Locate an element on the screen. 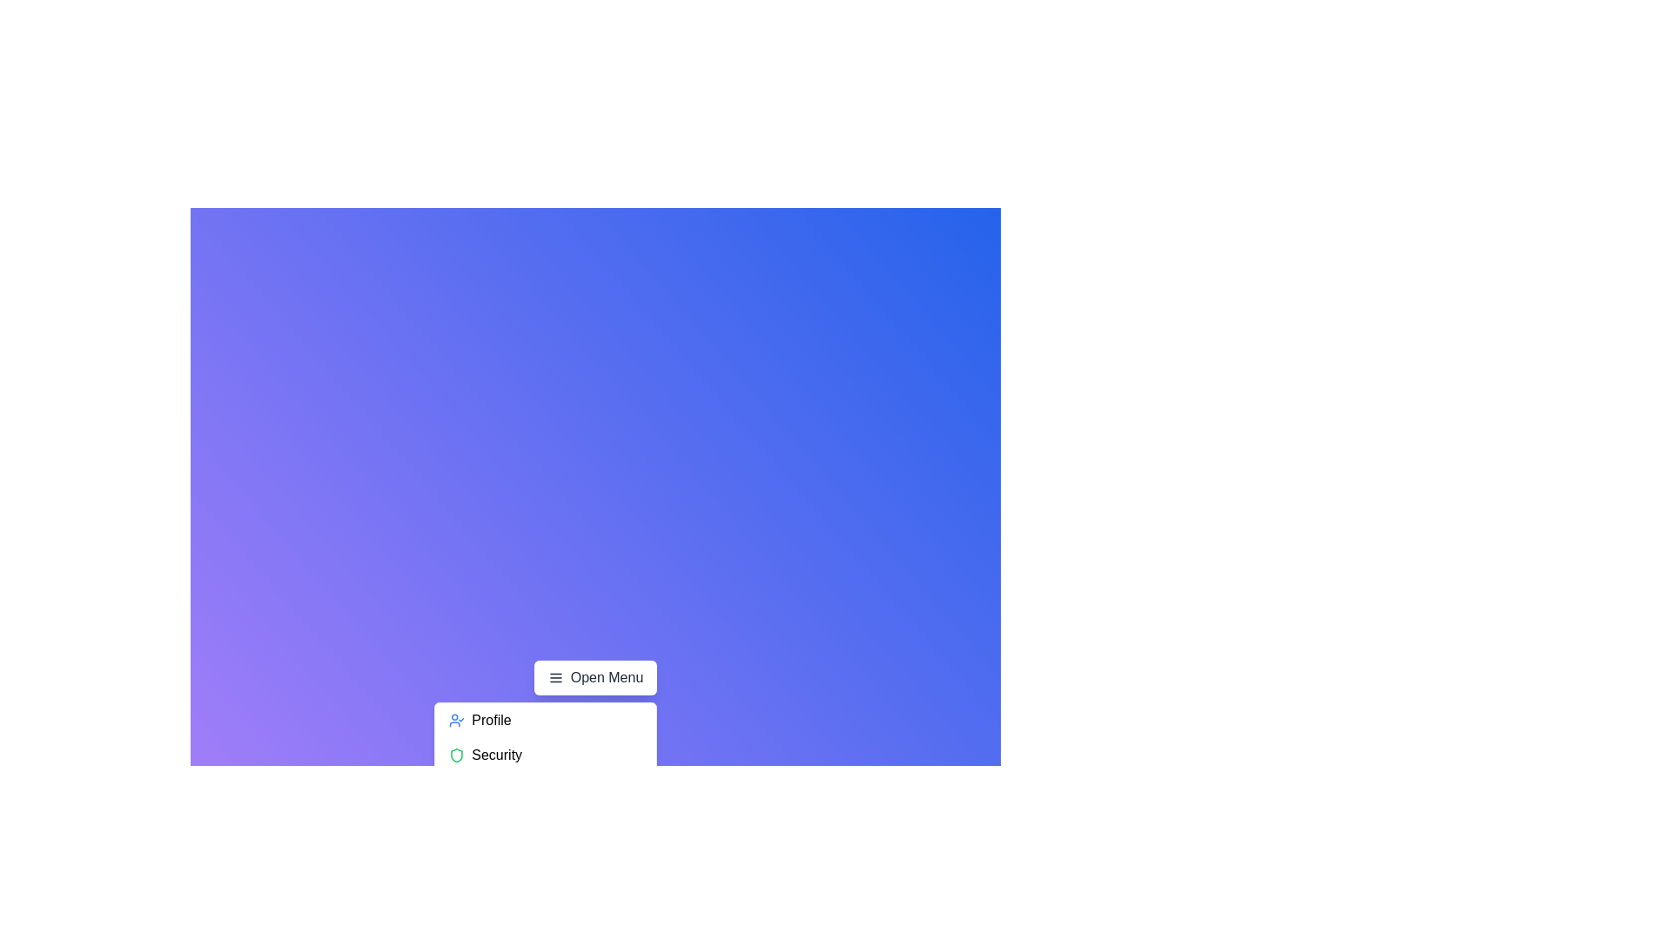  the menu item Security by clicking on it is located at coordinates (545, 754).